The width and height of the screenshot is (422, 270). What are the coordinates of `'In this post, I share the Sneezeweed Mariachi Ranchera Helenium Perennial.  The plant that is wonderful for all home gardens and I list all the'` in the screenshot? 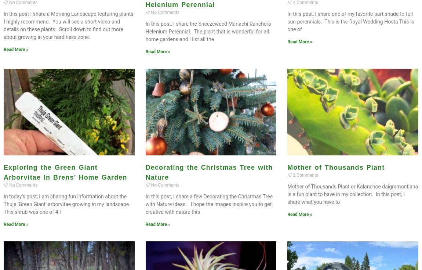 It's located at (208, 31).